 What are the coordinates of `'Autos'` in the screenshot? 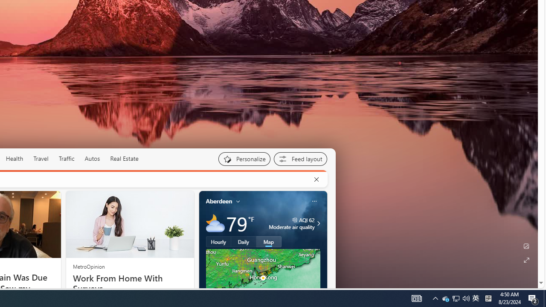 It's located at (92, 159).